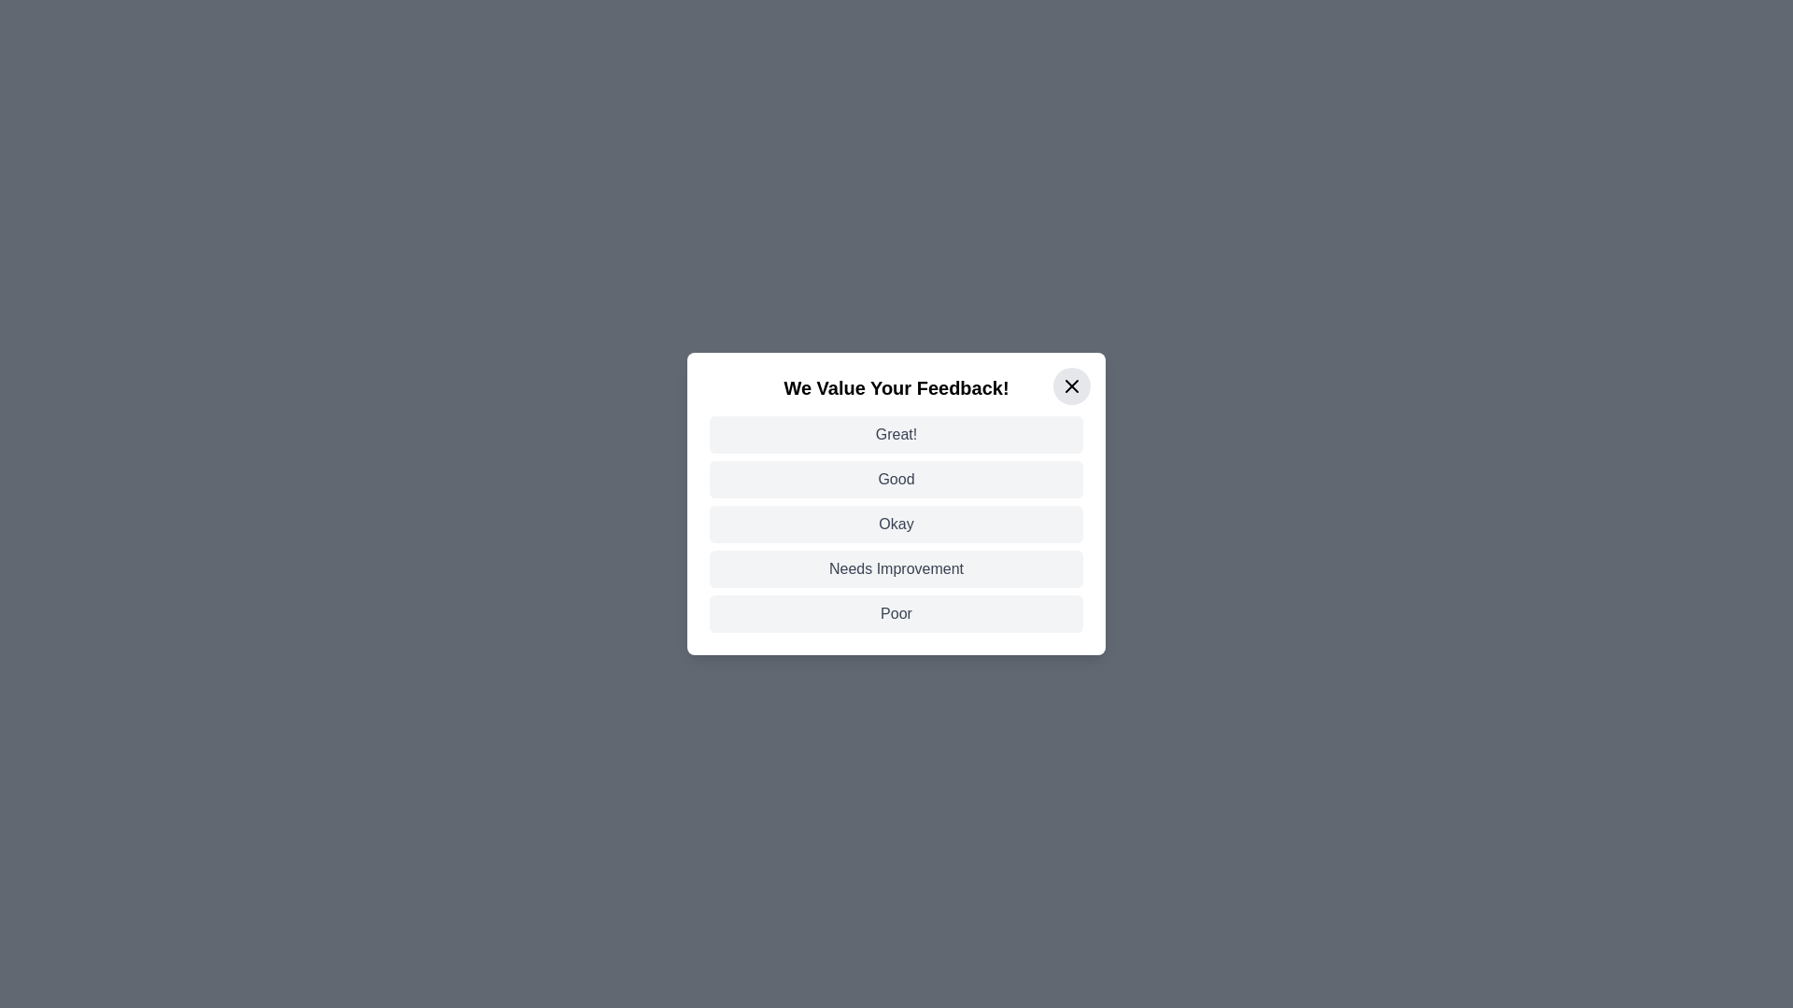  I want to click on the feedback option Great!, so click(896, 435).